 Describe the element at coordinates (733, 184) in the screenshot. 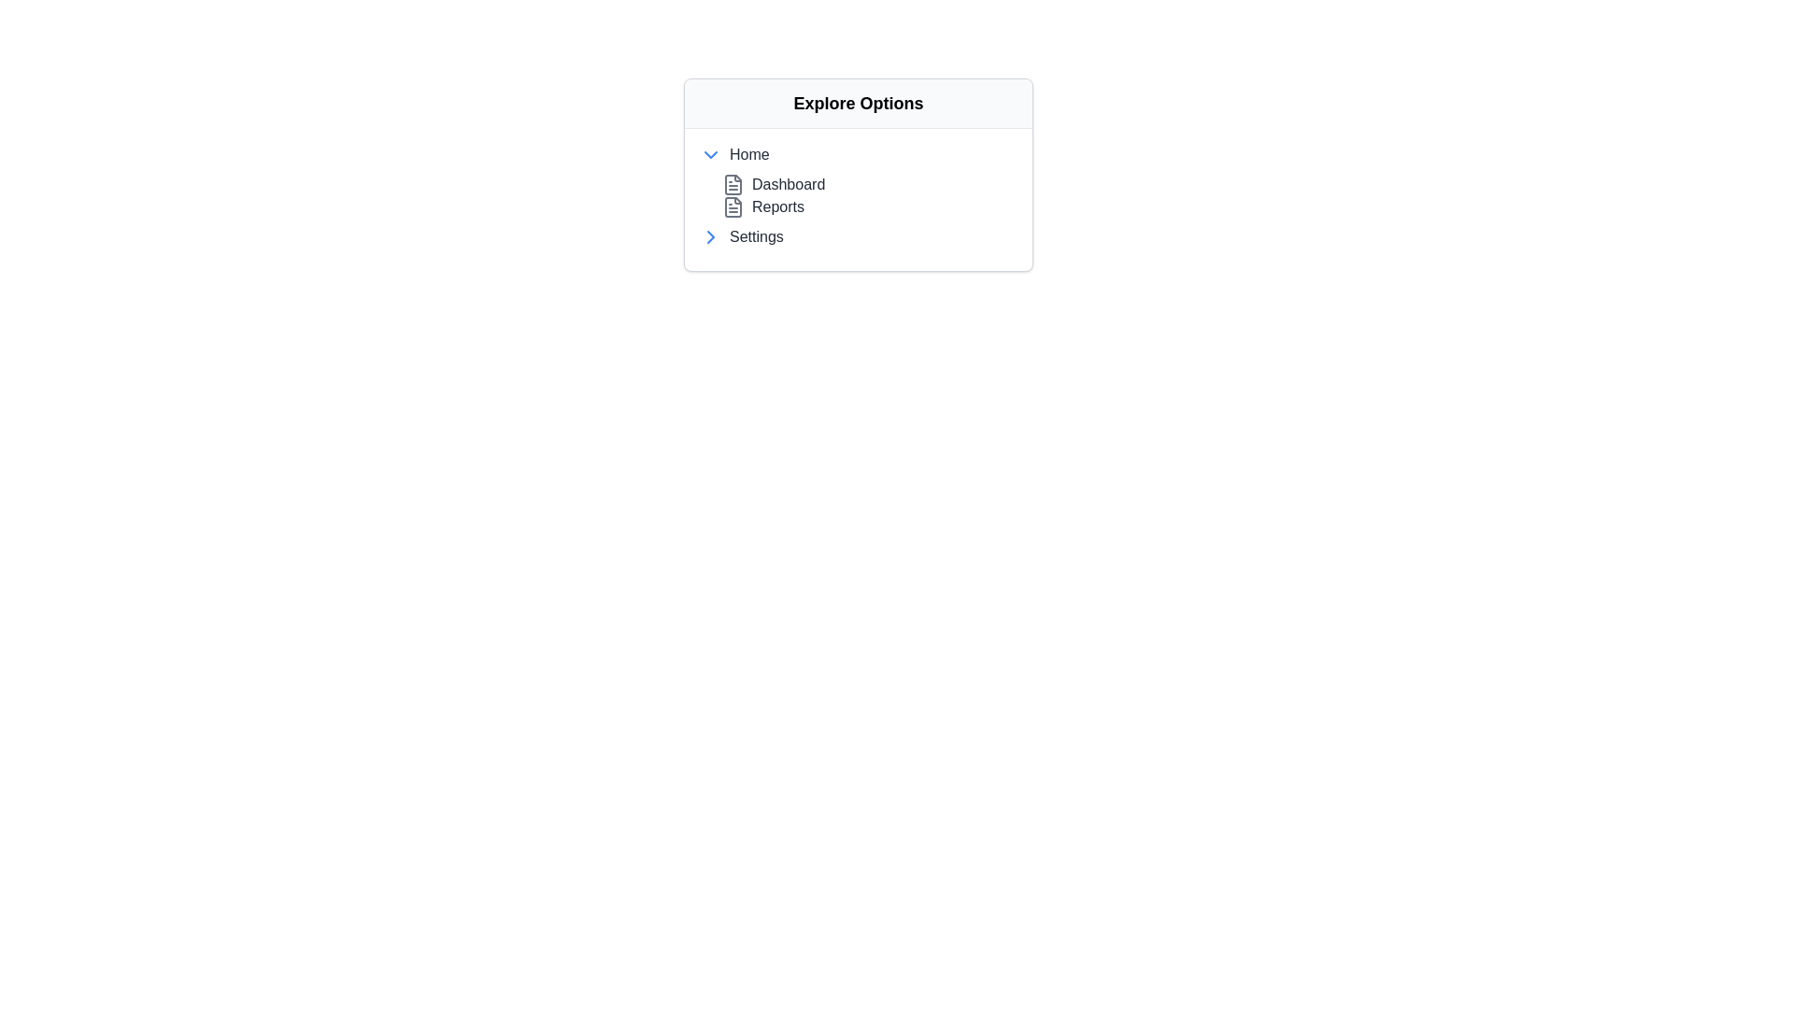

I see `the document icon, which is a gray rectangular shape with a folded corner, located to the left of the 'Dashboard' text in the 'Explore Options' menu` at that location.